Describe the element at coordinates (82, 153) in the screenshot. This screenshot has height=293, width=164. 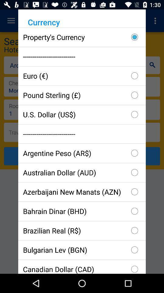
I see `the checkbox above the australian dollar (aud) item` at that location.